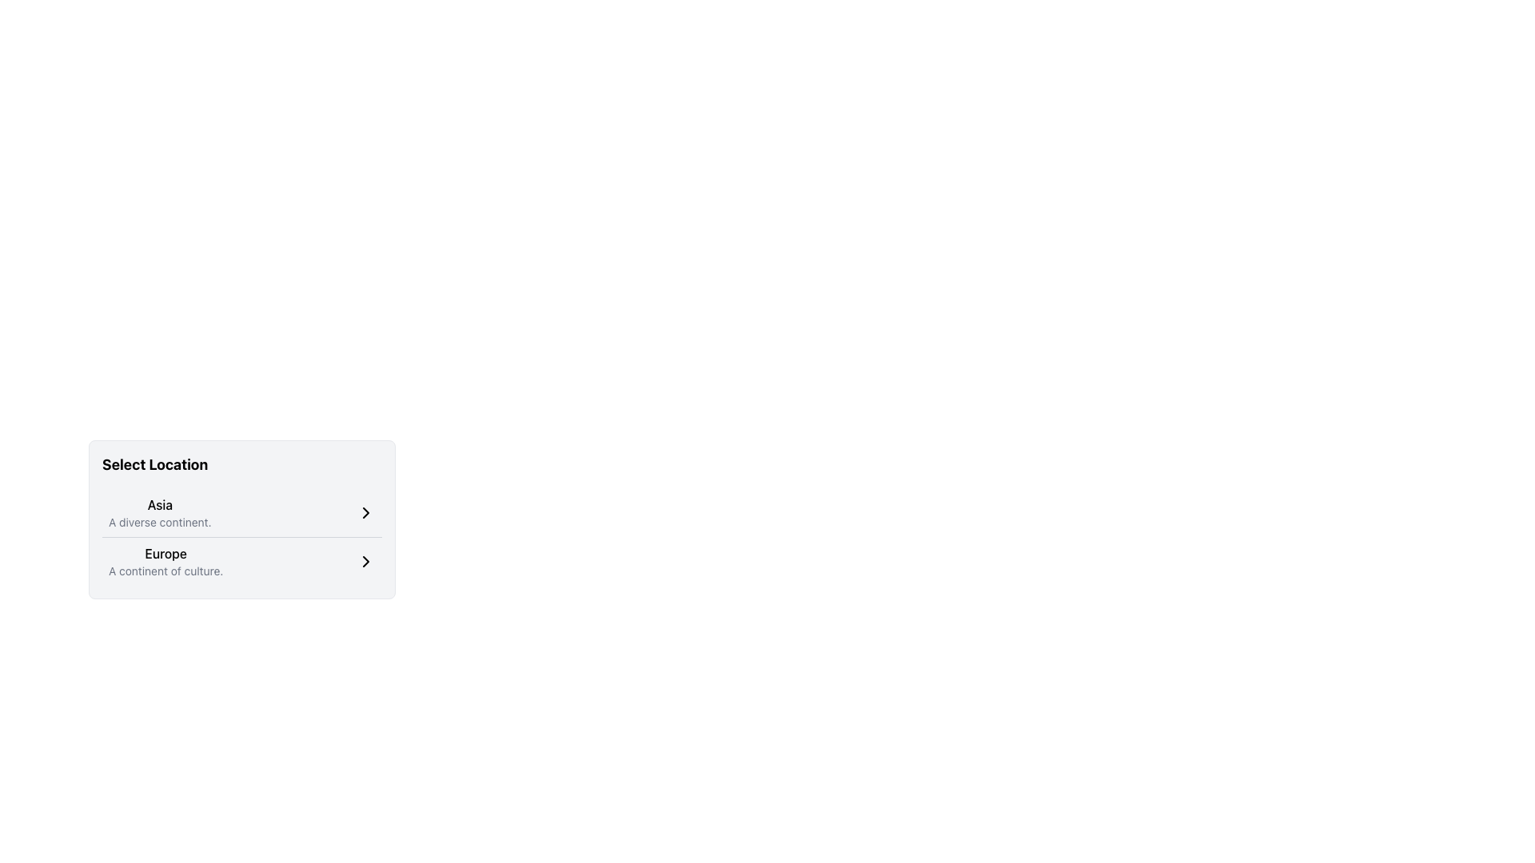 This screenshot has height=863, width=1535. Describe the element at coordinates (365, 560) in the screenshot. I see `the arrow icon located at the far right of the row containing the 'Europe' option` at that location.